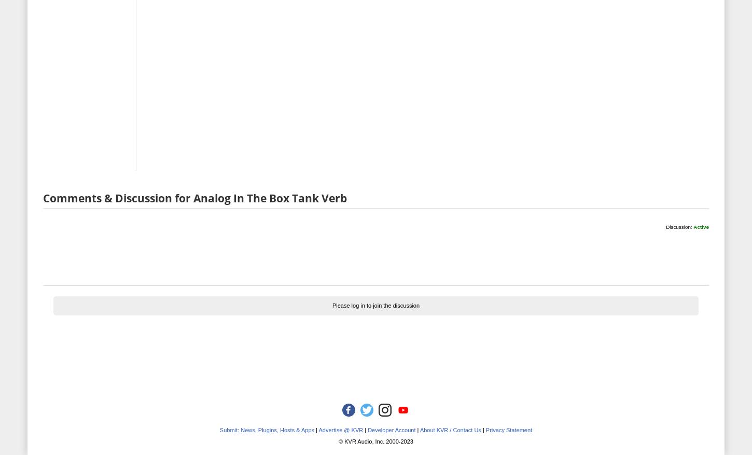 The image size is (752, 455). I want to click on 'Submit: News, Plugins, Hosts & Apps', so click(267, 429).